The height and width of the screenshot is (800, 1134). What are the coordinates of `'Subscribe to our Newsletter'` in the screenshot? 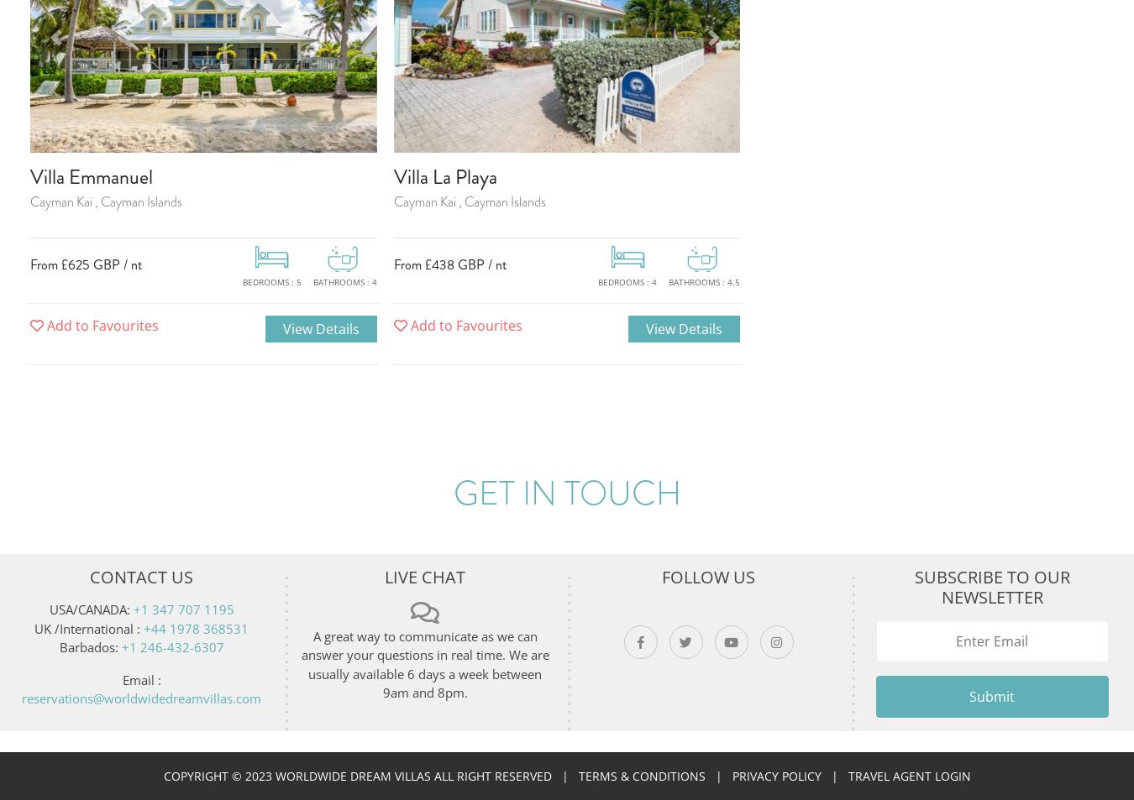 It's located at (990, 587).